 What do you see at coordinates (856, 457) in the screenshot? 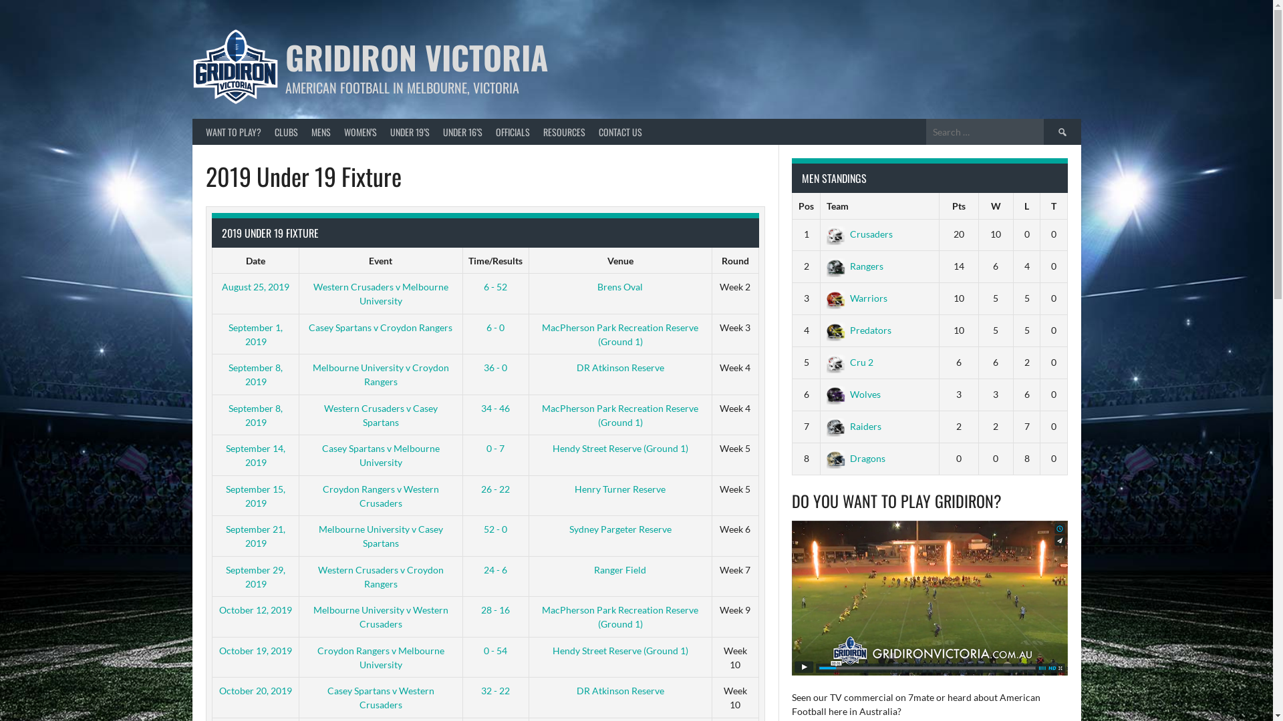
I see `'Dragons'` at bounding box center [856, 457].